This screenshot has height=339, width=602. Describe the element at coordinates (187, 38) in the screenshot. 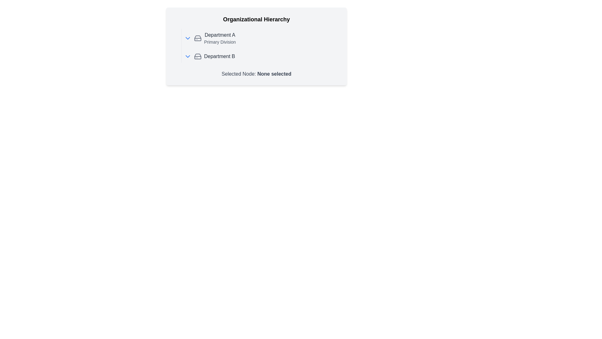

I see `the Downward Chevron icon located to the left of the hard disk icon, which serves as a trigger for toggling the section's expanded or collapsed state` at that location.